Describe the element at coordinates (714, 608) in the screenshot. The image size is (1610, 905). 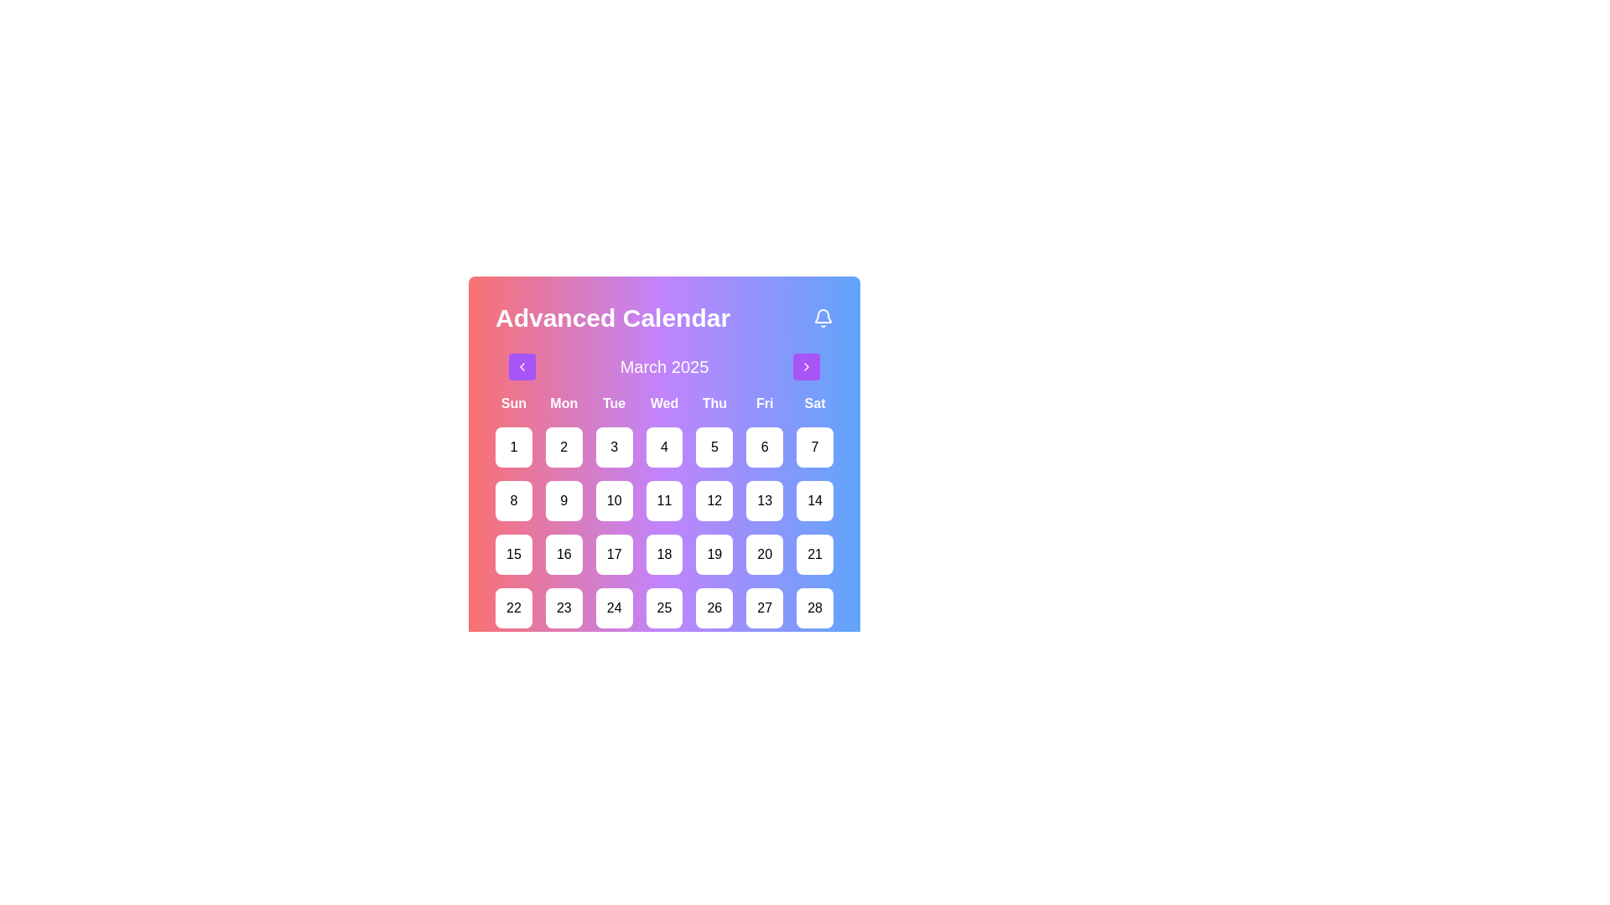
I see `the button representing March 26th in the calendar view` at that location.